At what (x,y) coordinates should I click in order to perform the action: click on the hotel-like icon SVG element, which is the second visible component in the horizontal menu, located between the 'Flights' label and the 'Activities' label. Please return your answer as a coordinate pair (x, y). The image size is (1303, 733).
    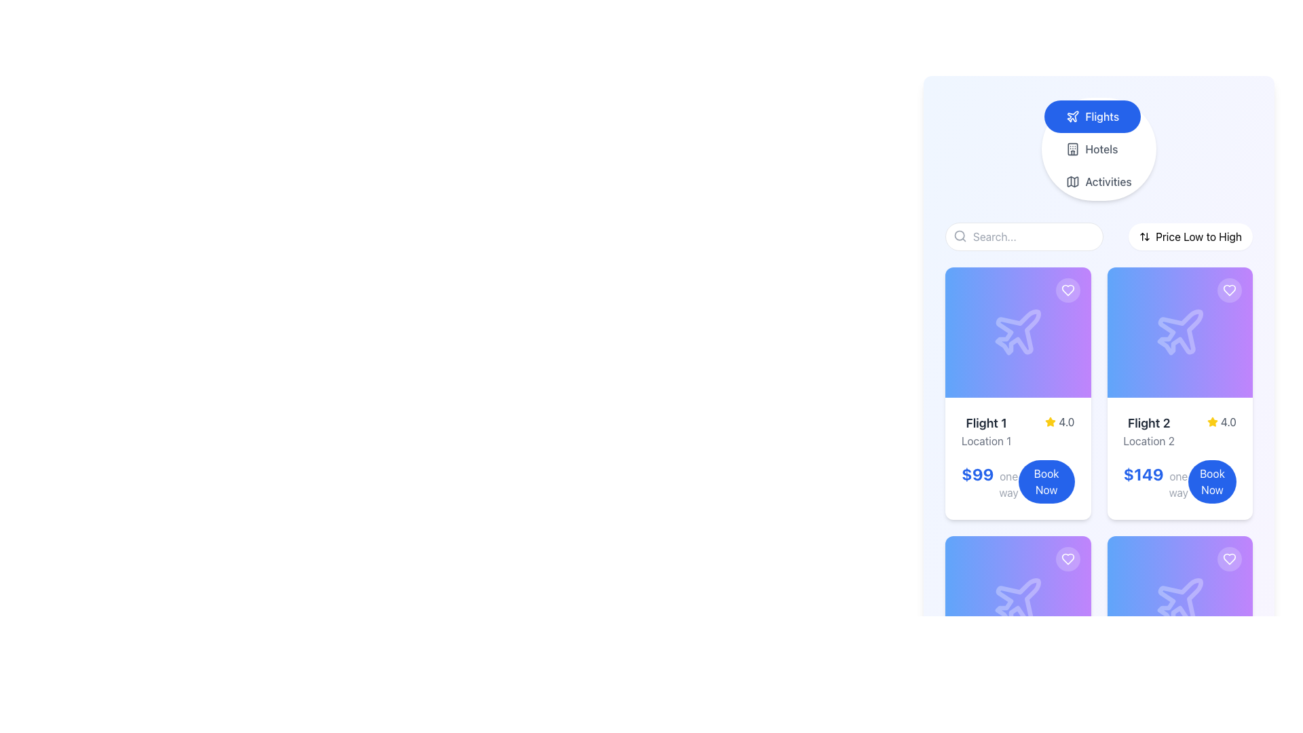
    Looking at the image, I should click on (1072, 149).